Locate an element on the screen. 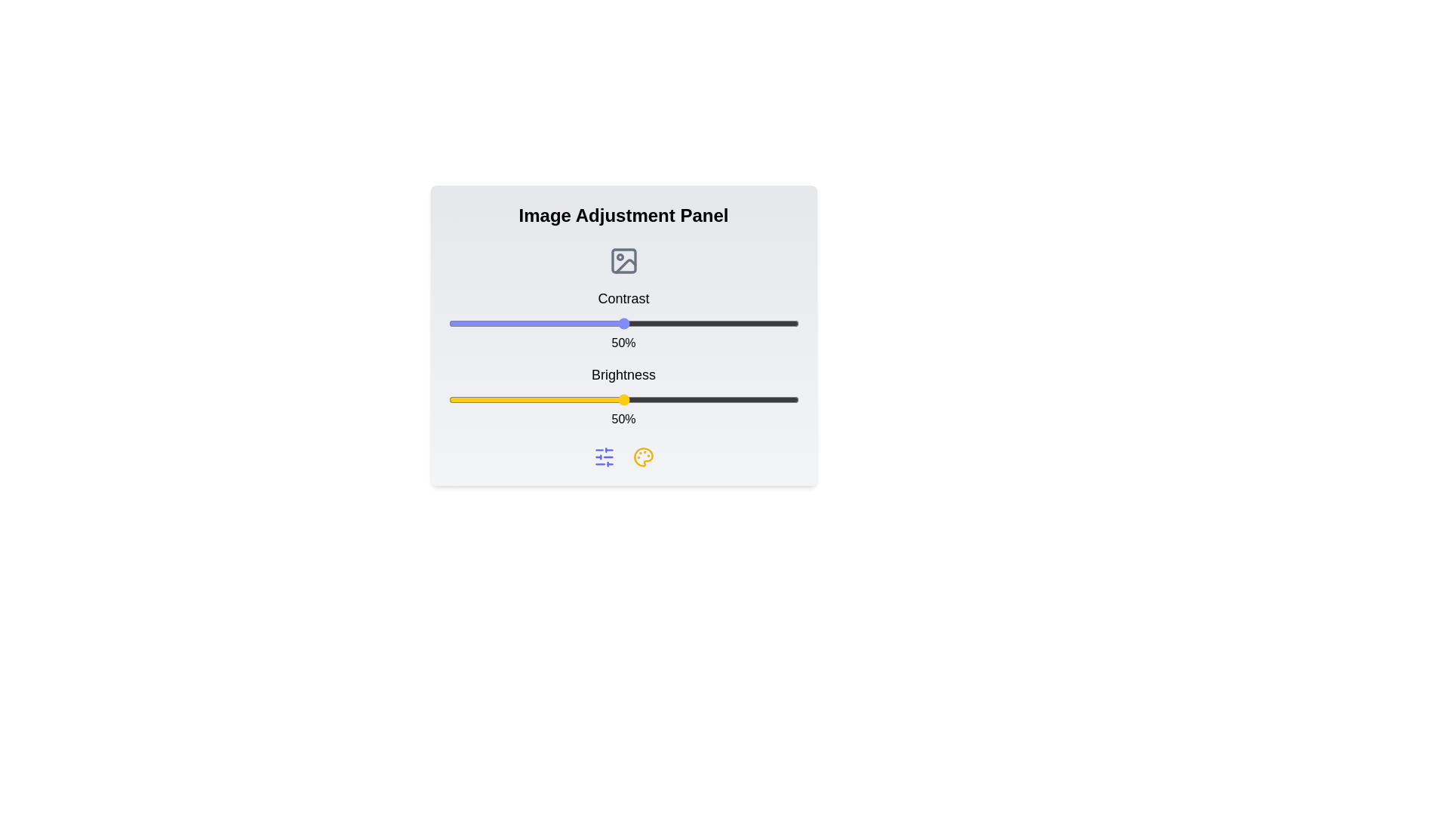 The image size is (1449, 815). the contrast slider to 80% is located at coordinates (728, 322).